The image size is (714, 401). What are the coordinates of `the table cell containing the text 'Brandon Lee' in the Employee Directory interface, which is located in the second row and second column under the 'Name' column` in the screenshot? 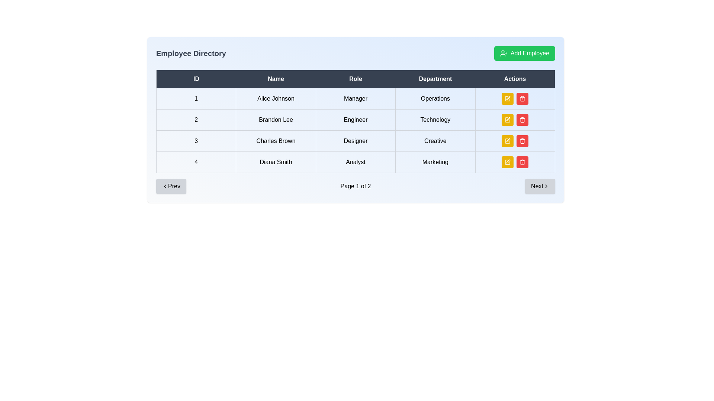 It's located at (276, 120).